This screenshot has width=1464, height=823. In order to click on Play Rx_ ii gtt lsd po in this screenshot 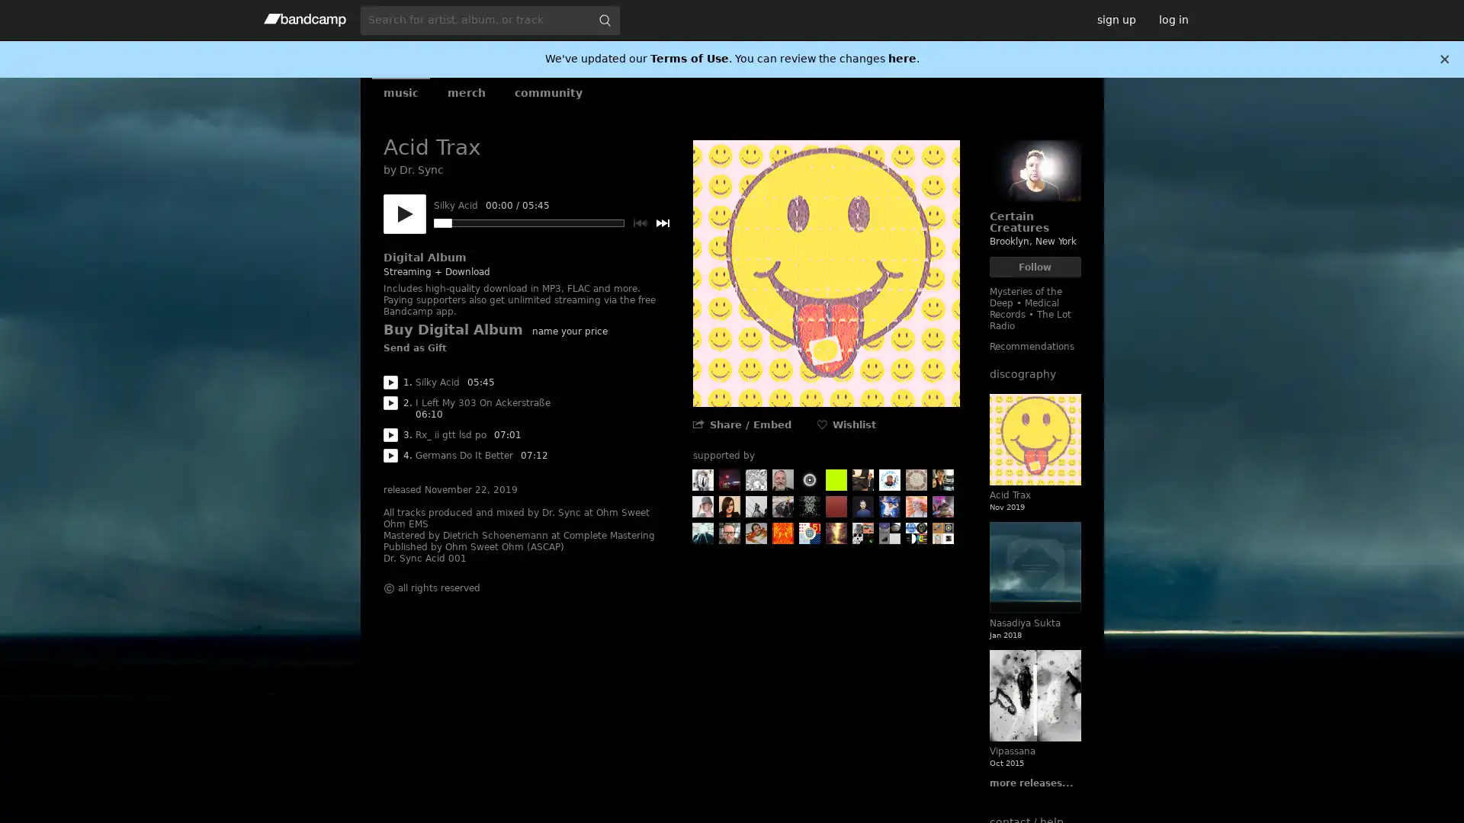, I will do `click(390, 434)`.